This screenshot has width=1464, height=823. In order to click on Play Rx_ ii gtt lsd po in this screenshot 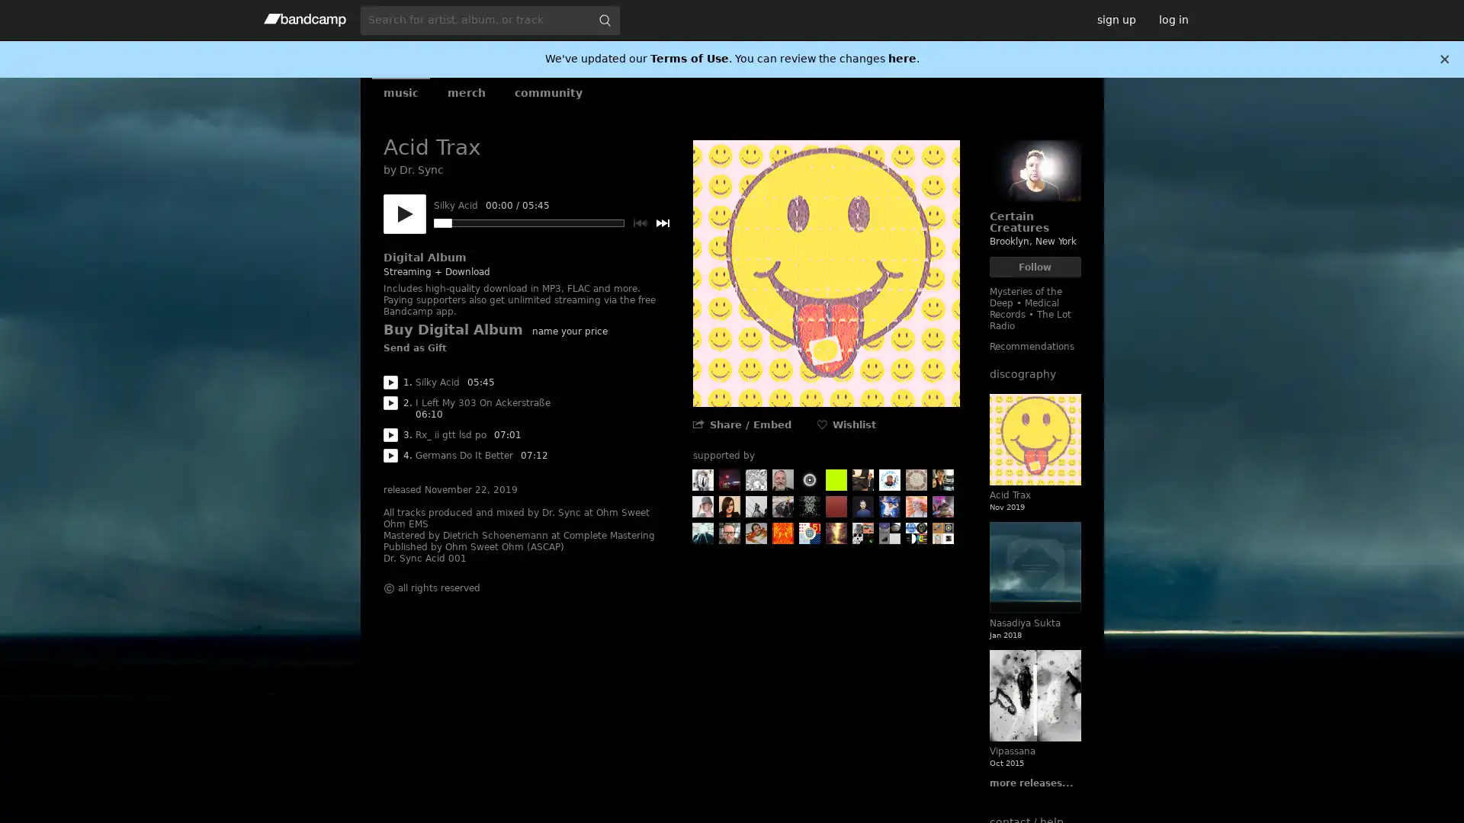, I will do `click(390, 434)`.